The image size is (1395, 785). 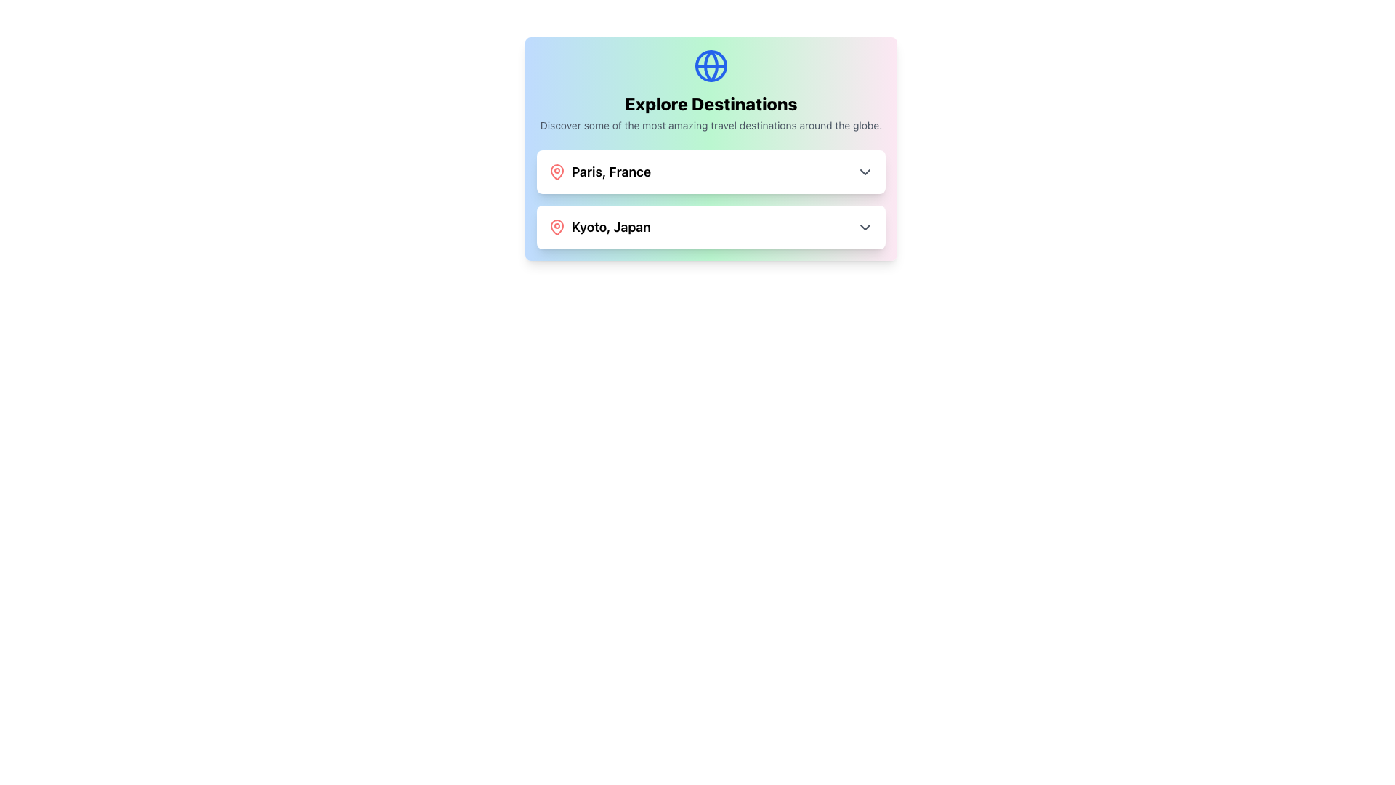 What do you see at coordinates (711, 171) in the screenshot?
I see `the chevron on the 'Paris, France' selectable item` at bounding box center [711, 171].